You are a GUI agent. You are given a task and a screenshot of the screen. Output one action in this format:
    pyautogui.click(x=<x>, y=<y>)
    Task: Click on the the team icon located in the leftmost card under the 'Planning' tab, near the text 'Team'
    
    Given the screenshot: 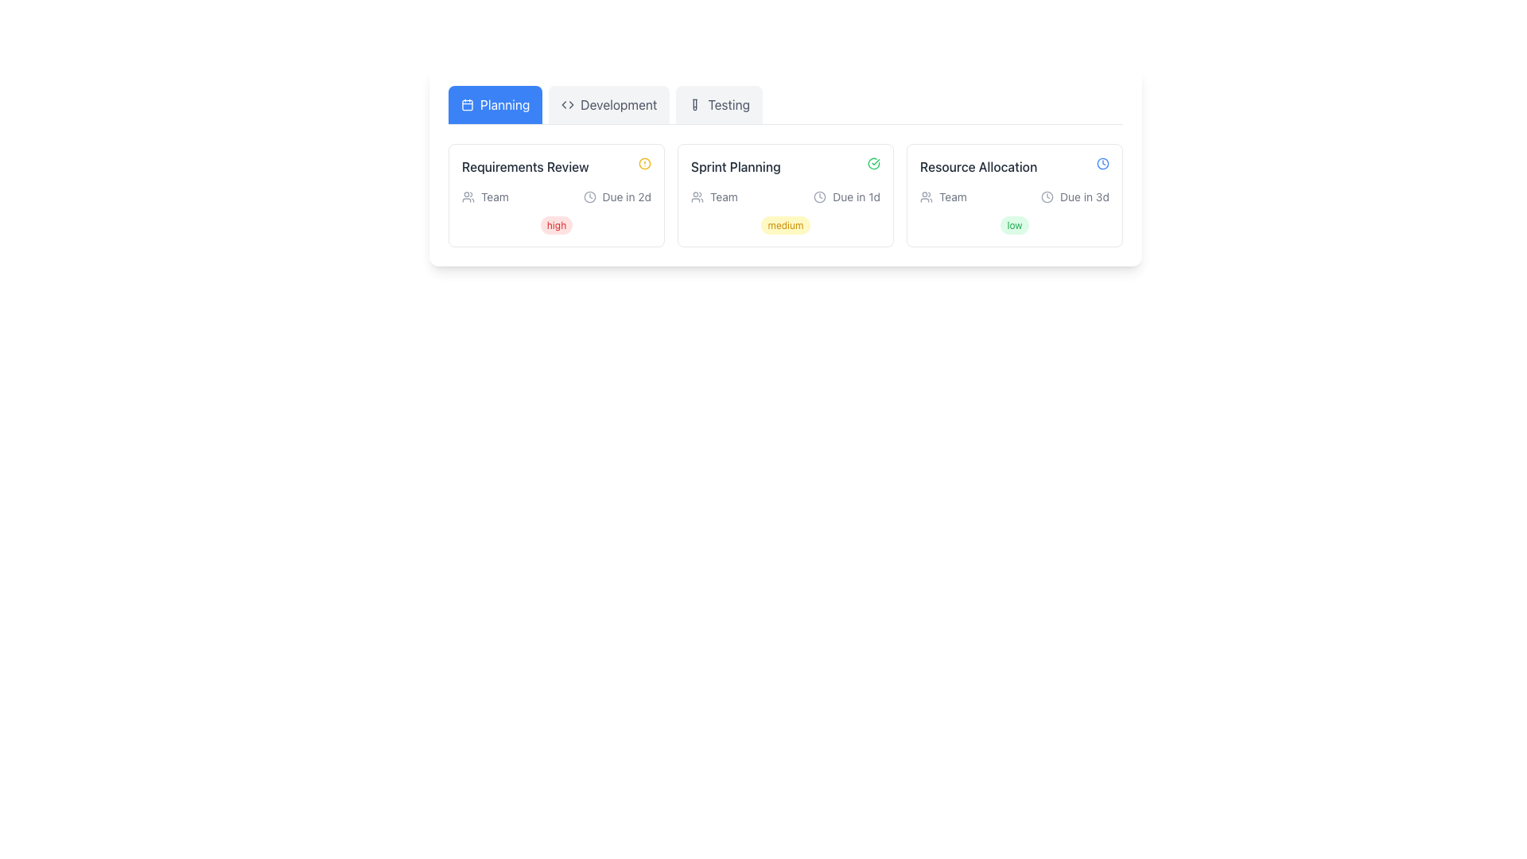 What is the action you would take?
    pyautogui.click(x=468, y=196)
    